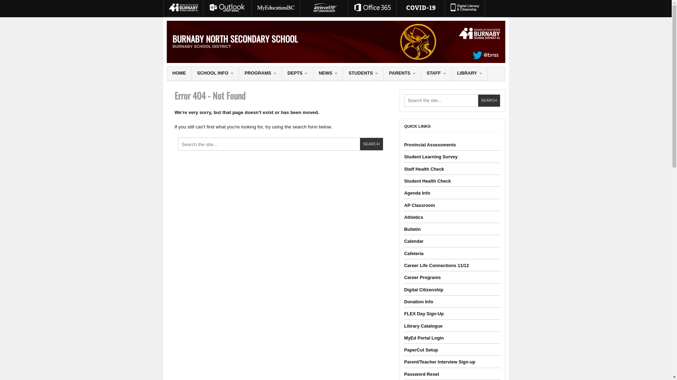  Describe the element at coordinates (404, 265) in the screenshot. I see `'Career Life Connections 11/12'` at that location.